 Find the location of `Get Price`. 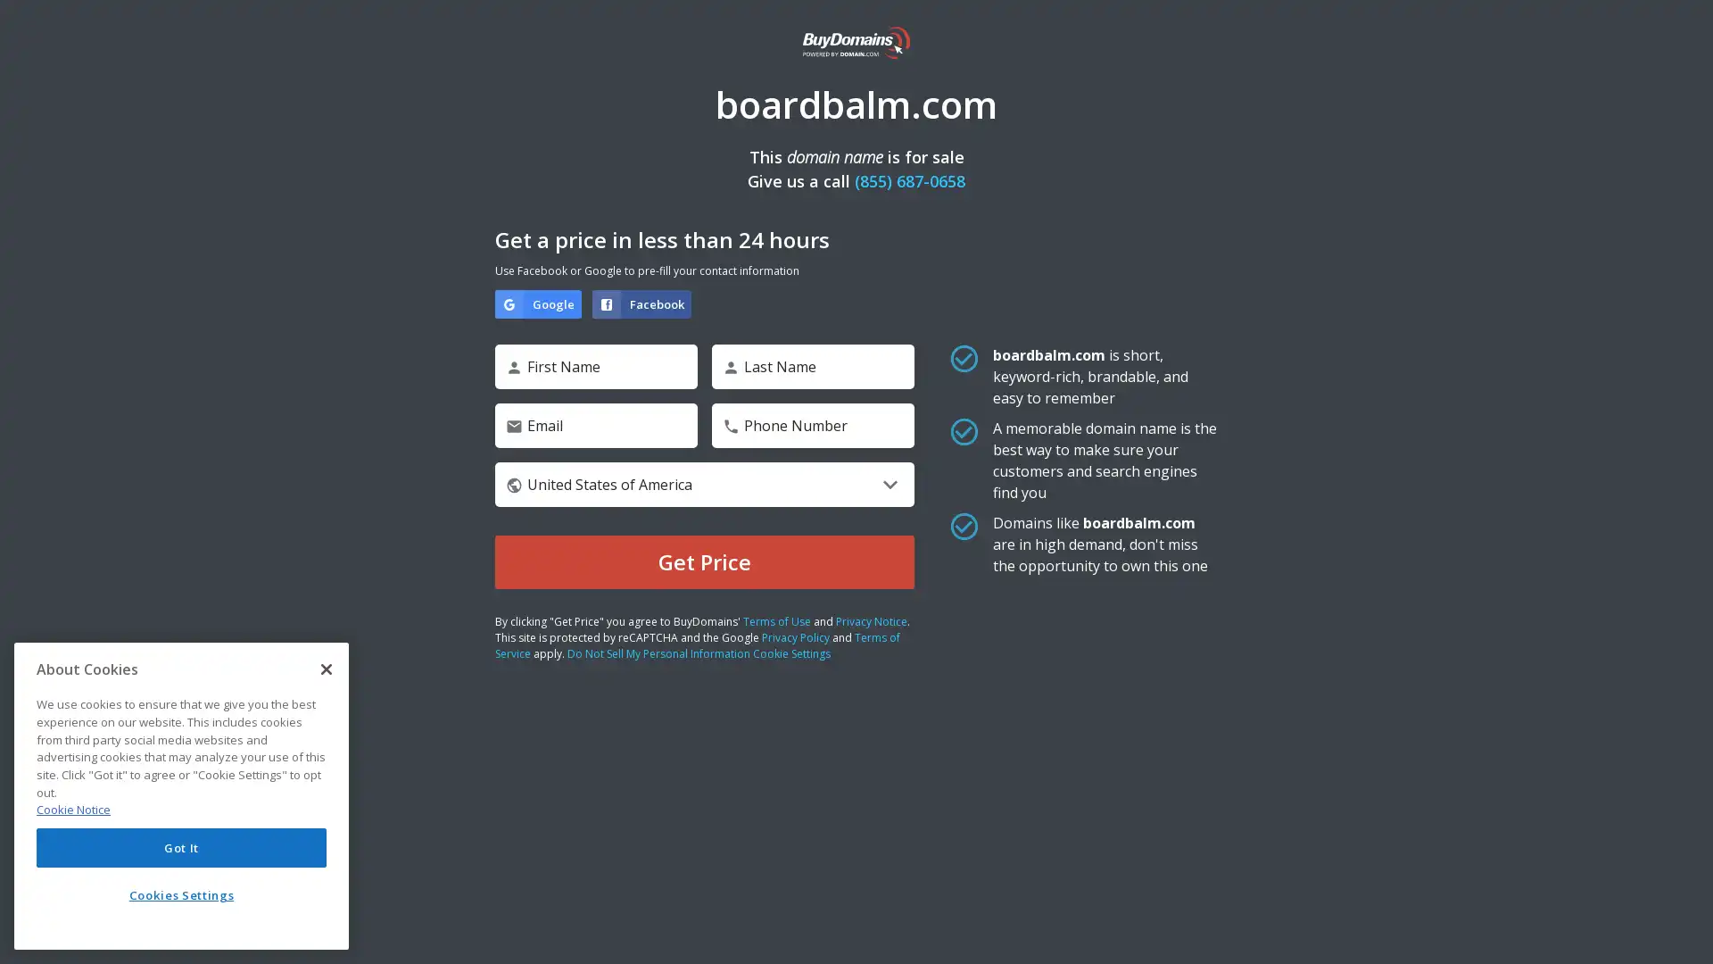

Get Price is located at coordinates (704, 561).